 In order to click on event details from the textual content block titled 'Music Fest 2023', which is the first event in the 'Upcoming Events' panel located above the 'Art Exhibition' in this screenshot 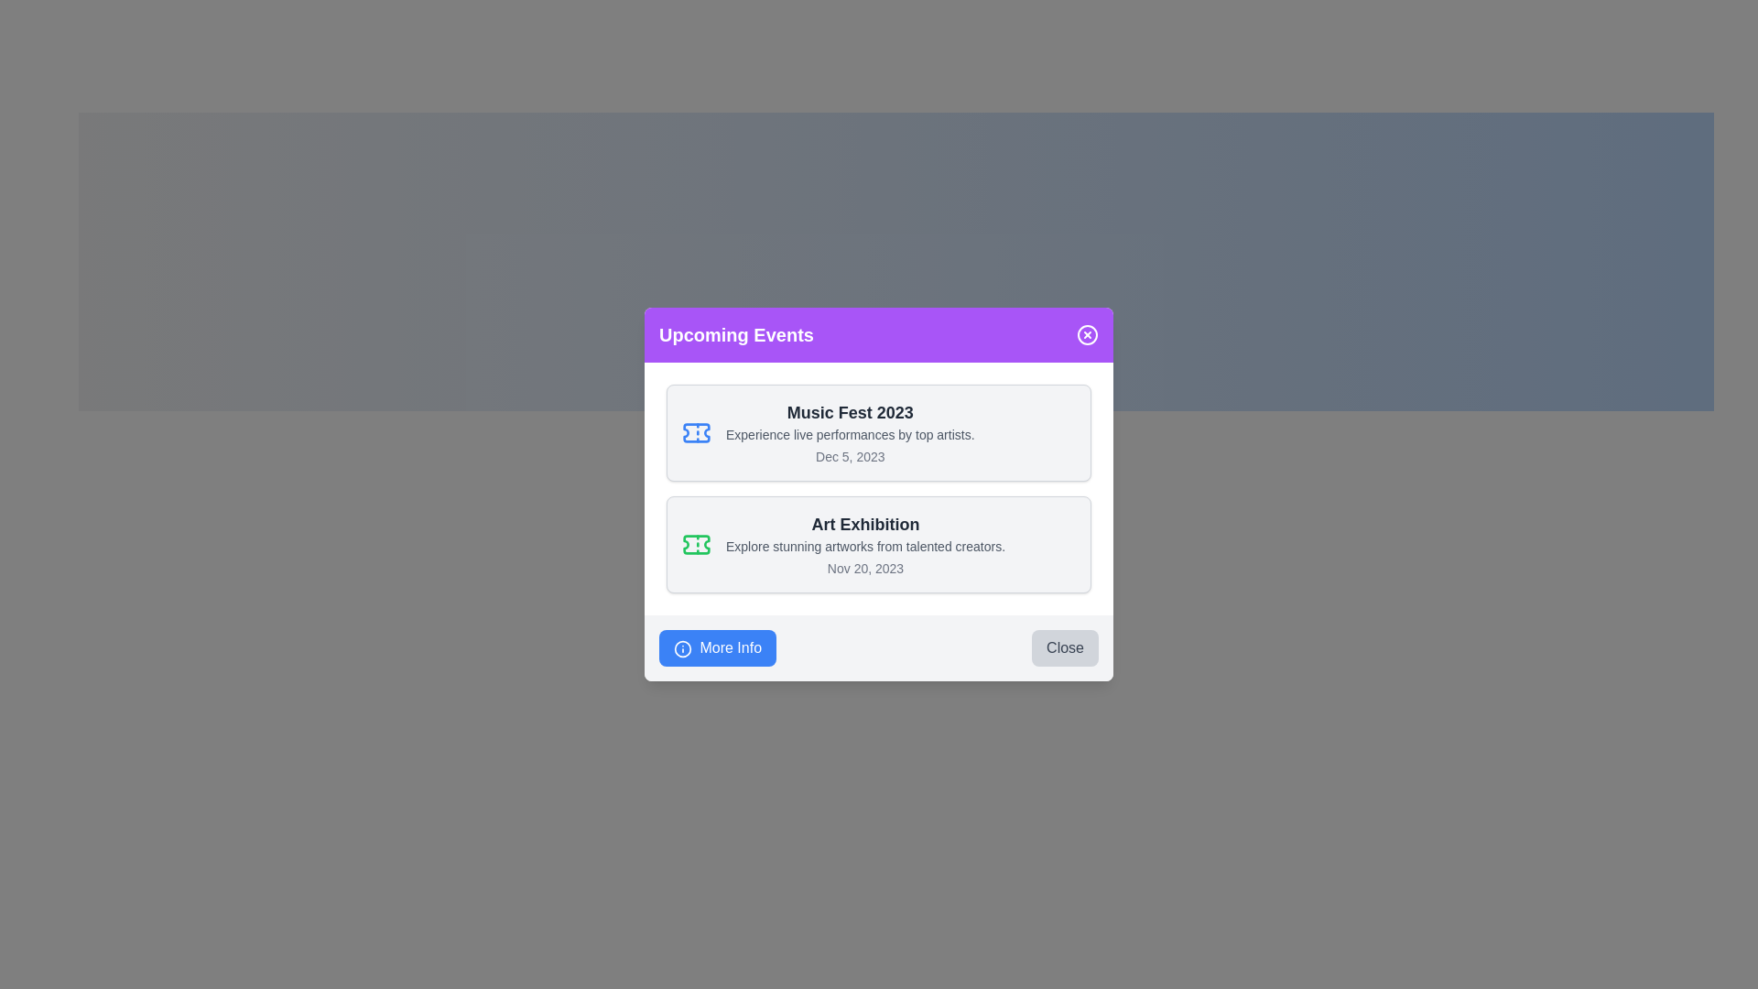, I will do `click(849, 433)`.